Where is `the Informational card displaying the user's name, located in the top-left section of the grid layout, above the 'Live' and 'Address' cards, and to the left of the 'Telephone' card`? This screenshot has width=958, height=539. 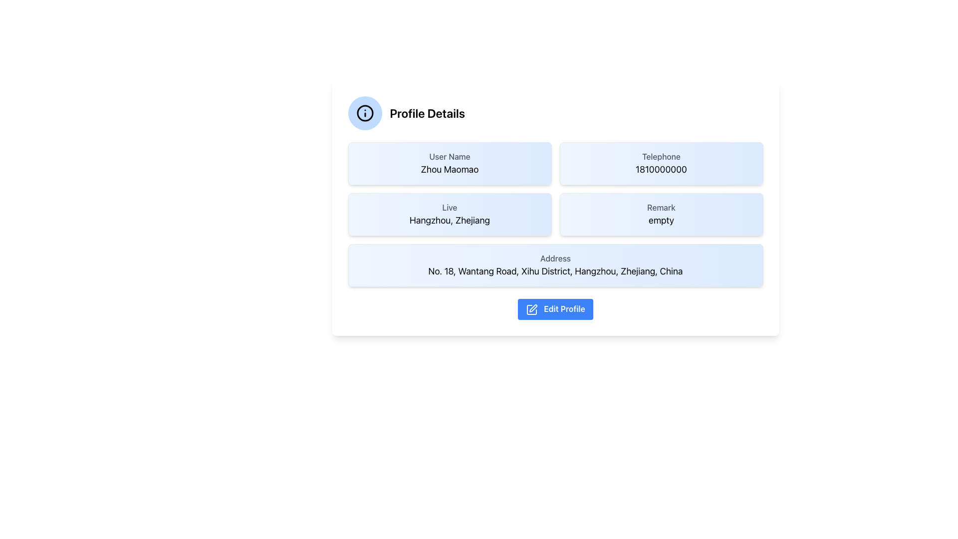
the Informational card displaying the user's name, located in the top-left section of the grid layout, above the 'Live' and 'Address' cards, and to the left of the 'Telephone' card is located at coordinates (449, 163).